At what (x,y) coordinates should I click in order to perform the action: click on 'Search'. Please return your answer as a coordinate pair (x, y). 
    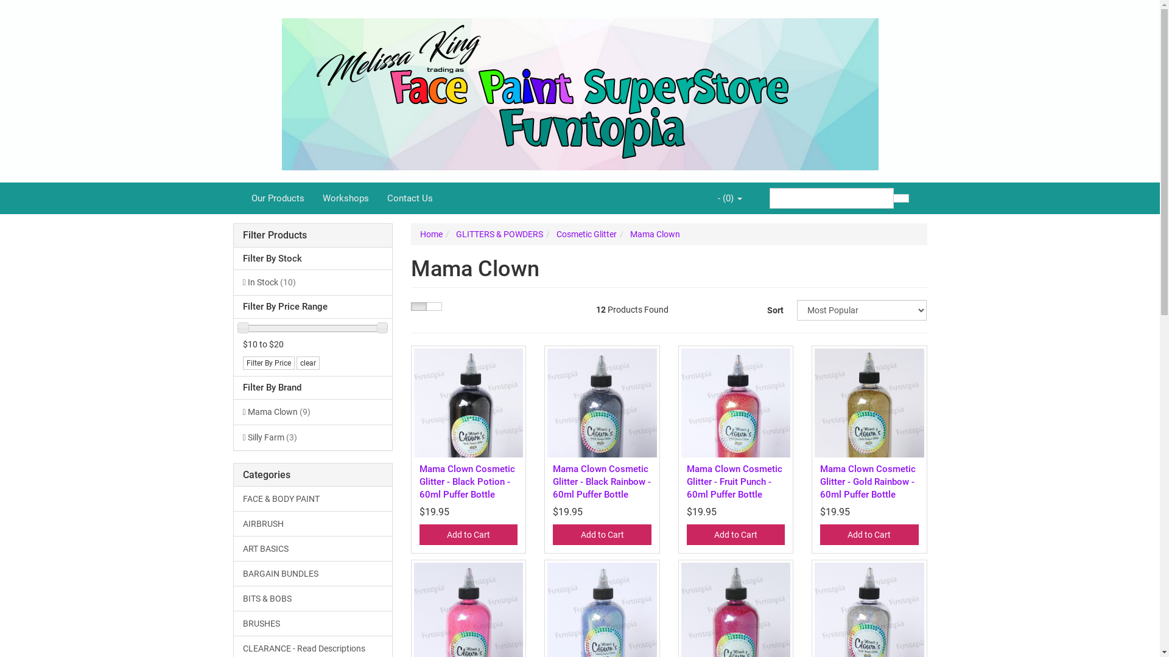
    Looking at the image, I should click on (900, 198).